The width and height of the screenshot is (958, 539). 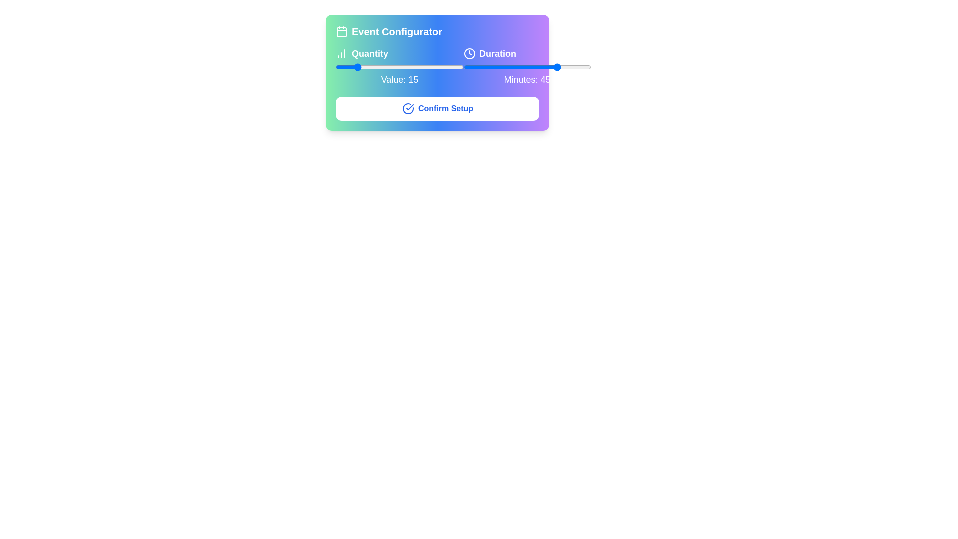 I want to click on the Text label displaying 'Minutes: 45' with a purple background gradient, located in the lower right of the 'Duration' section, so click(x=526, y=79).